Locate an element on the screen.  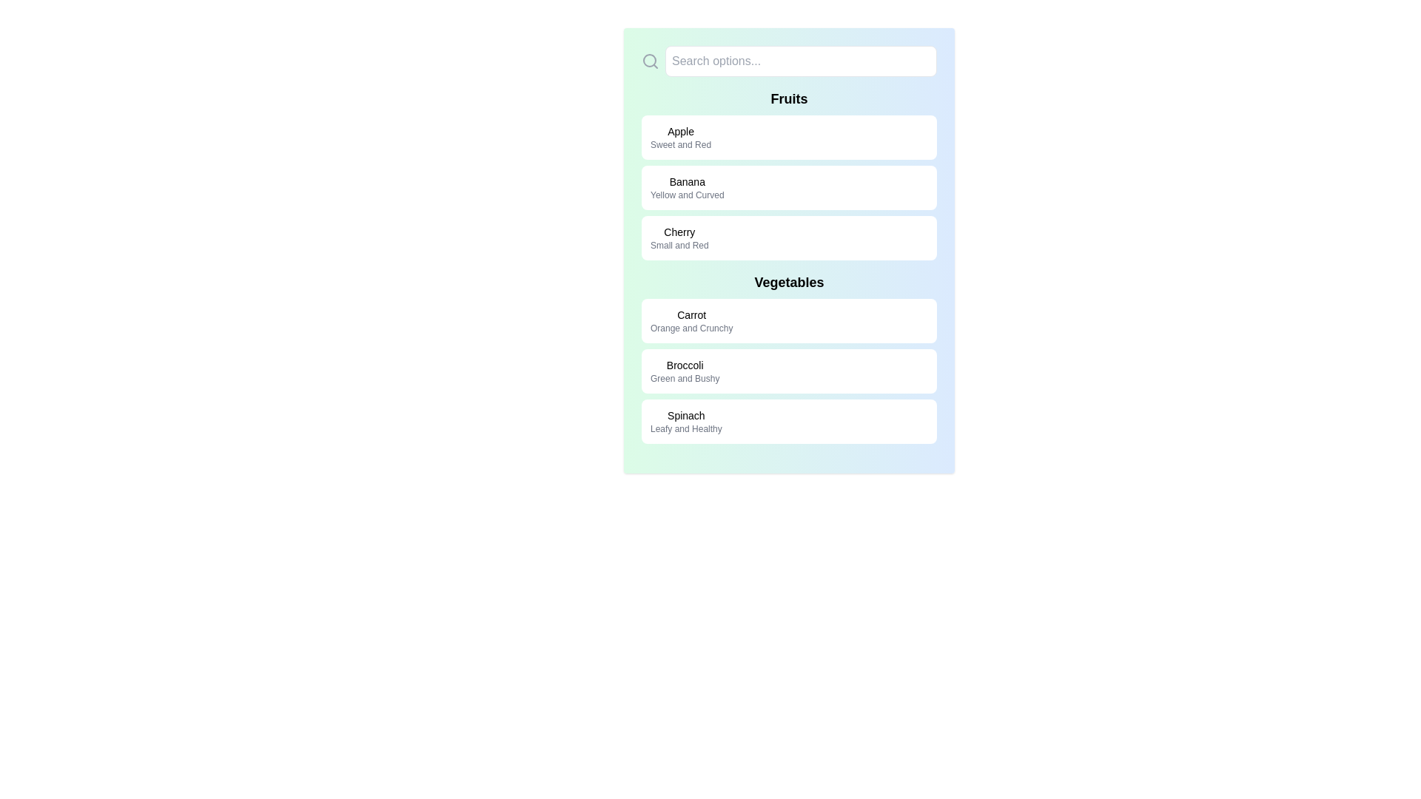
text label that provides details about the 'Apple' item, located vertically below the 'Apple' text in the 'Fruits' section is located at coordinates (680, 145).